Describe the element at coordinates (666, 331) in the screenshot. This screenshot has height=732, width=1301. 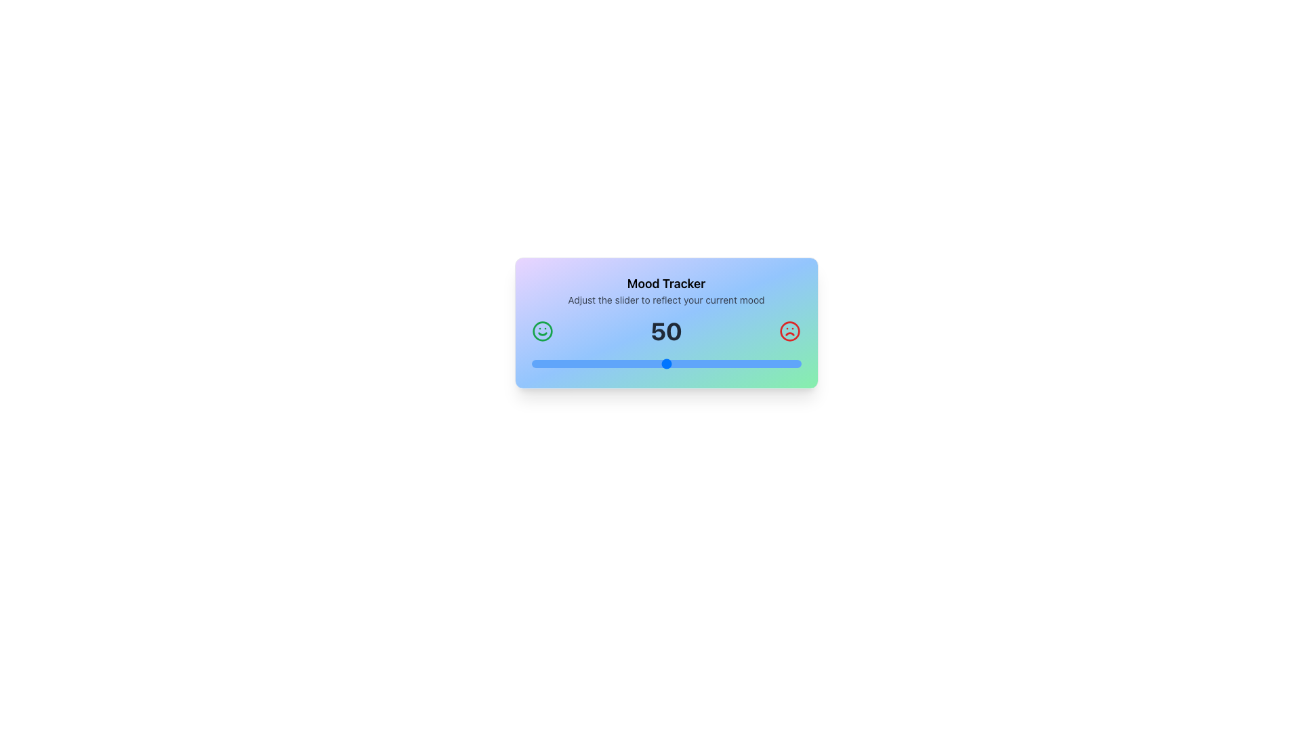
I see `the Text Display element that shows the number '50' in bold, large dark gray font, centrally placed in the mood tracker interface` at that location.